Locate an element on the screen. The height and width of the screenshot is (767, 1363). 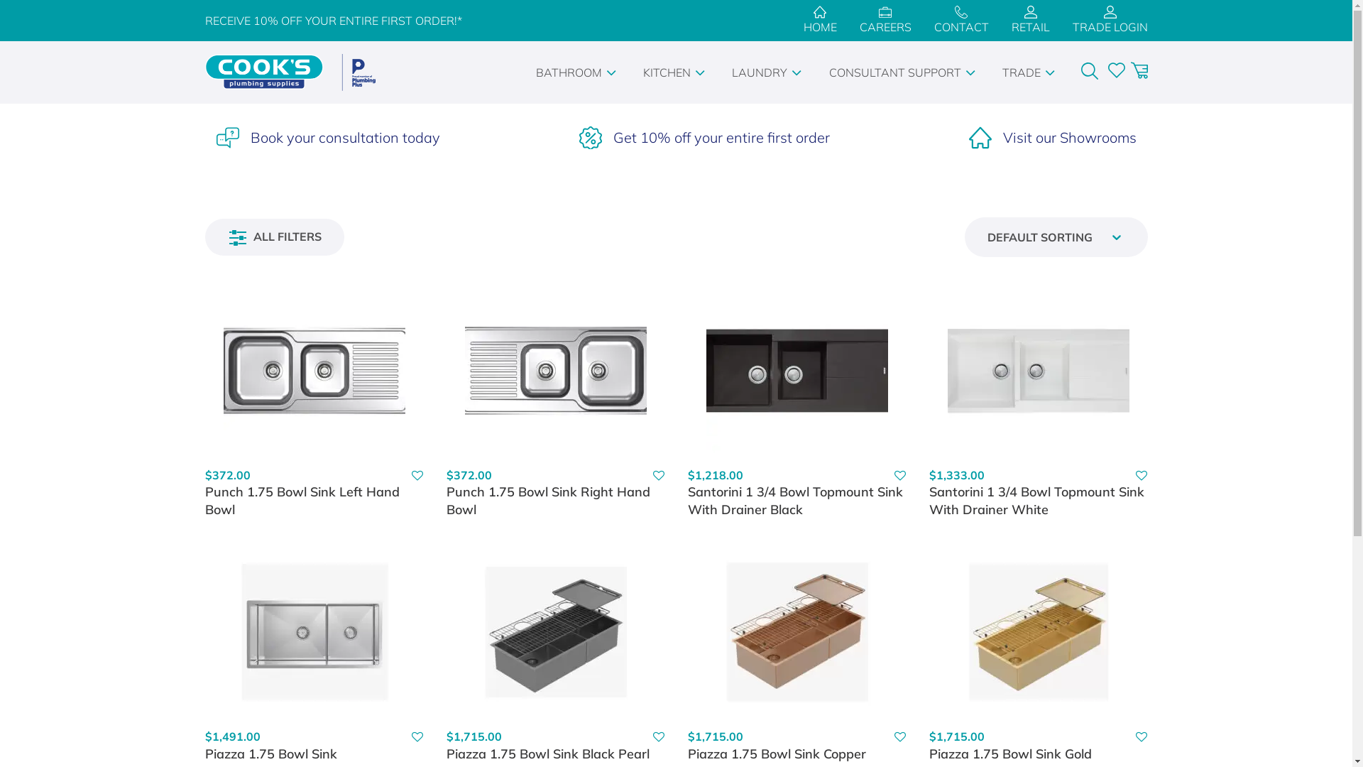
'TRADE' is located at coordinates (1030, 72).